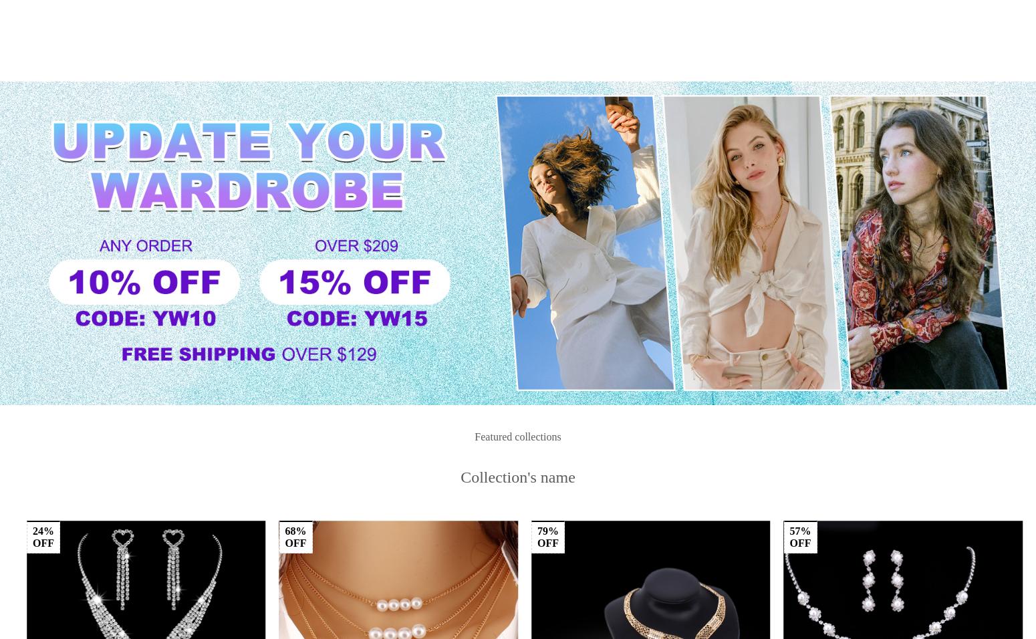 This screenshot has height=639, width=1036. What do you see at coordinates (812, 519) in the screenshot?
I see `'USD $180.96'` at bounding box center [812, 519].